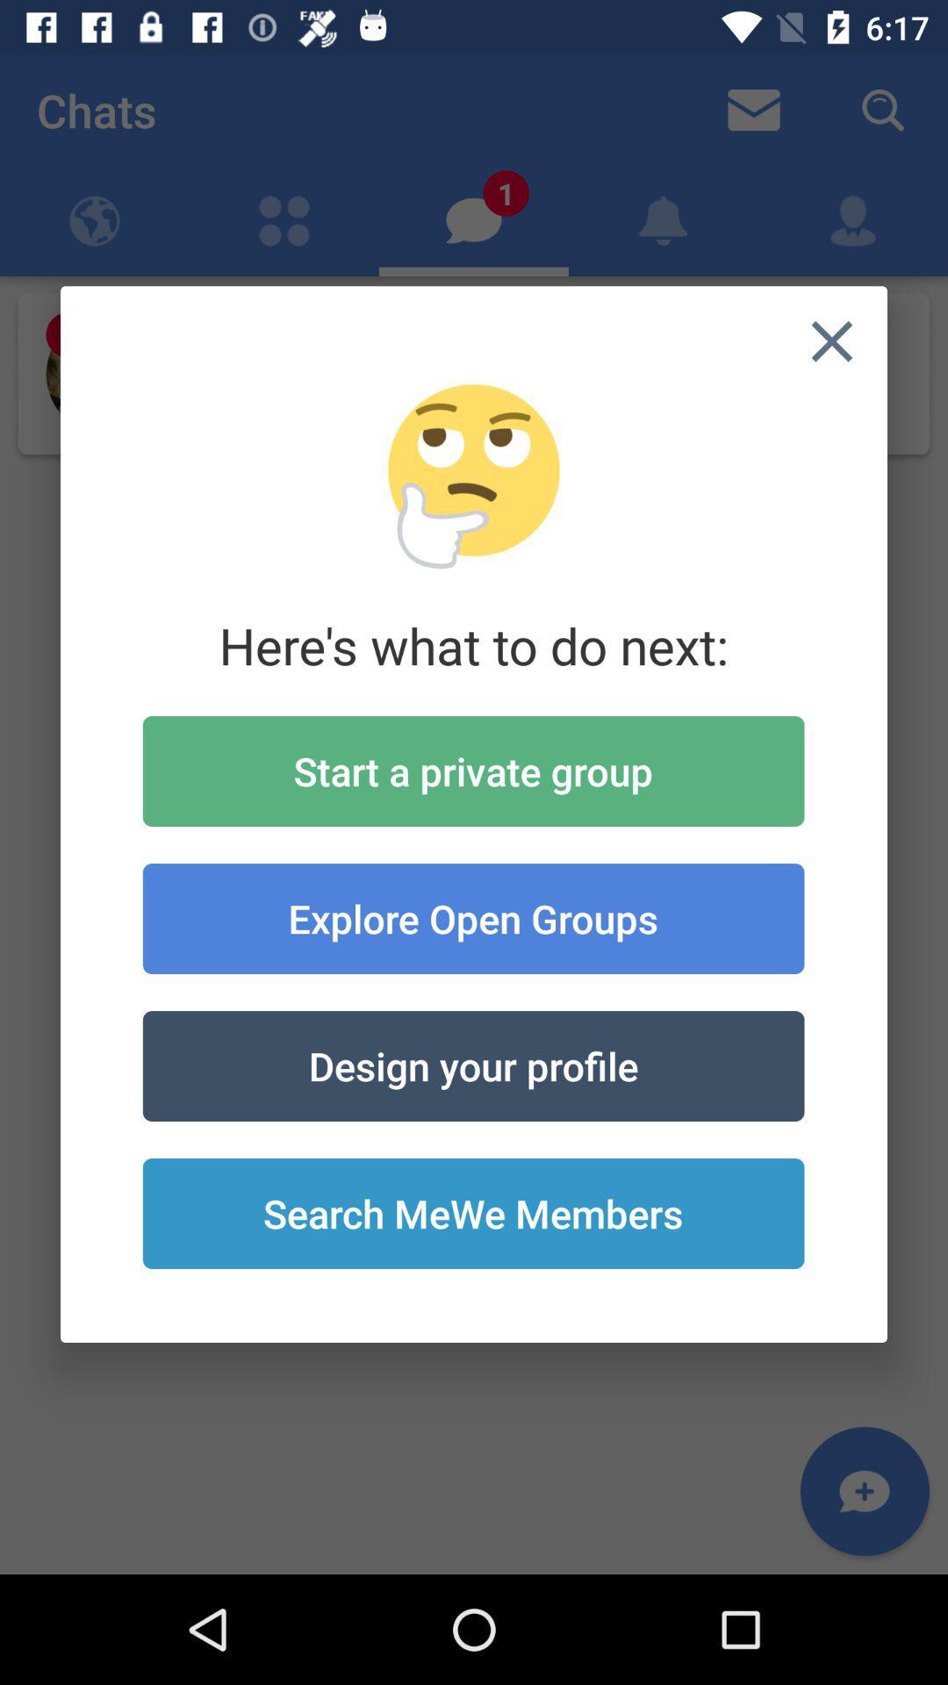  Describe the element at coordinates (472, 771) in the screenshot. I see `item above the explore open groups` at that location.